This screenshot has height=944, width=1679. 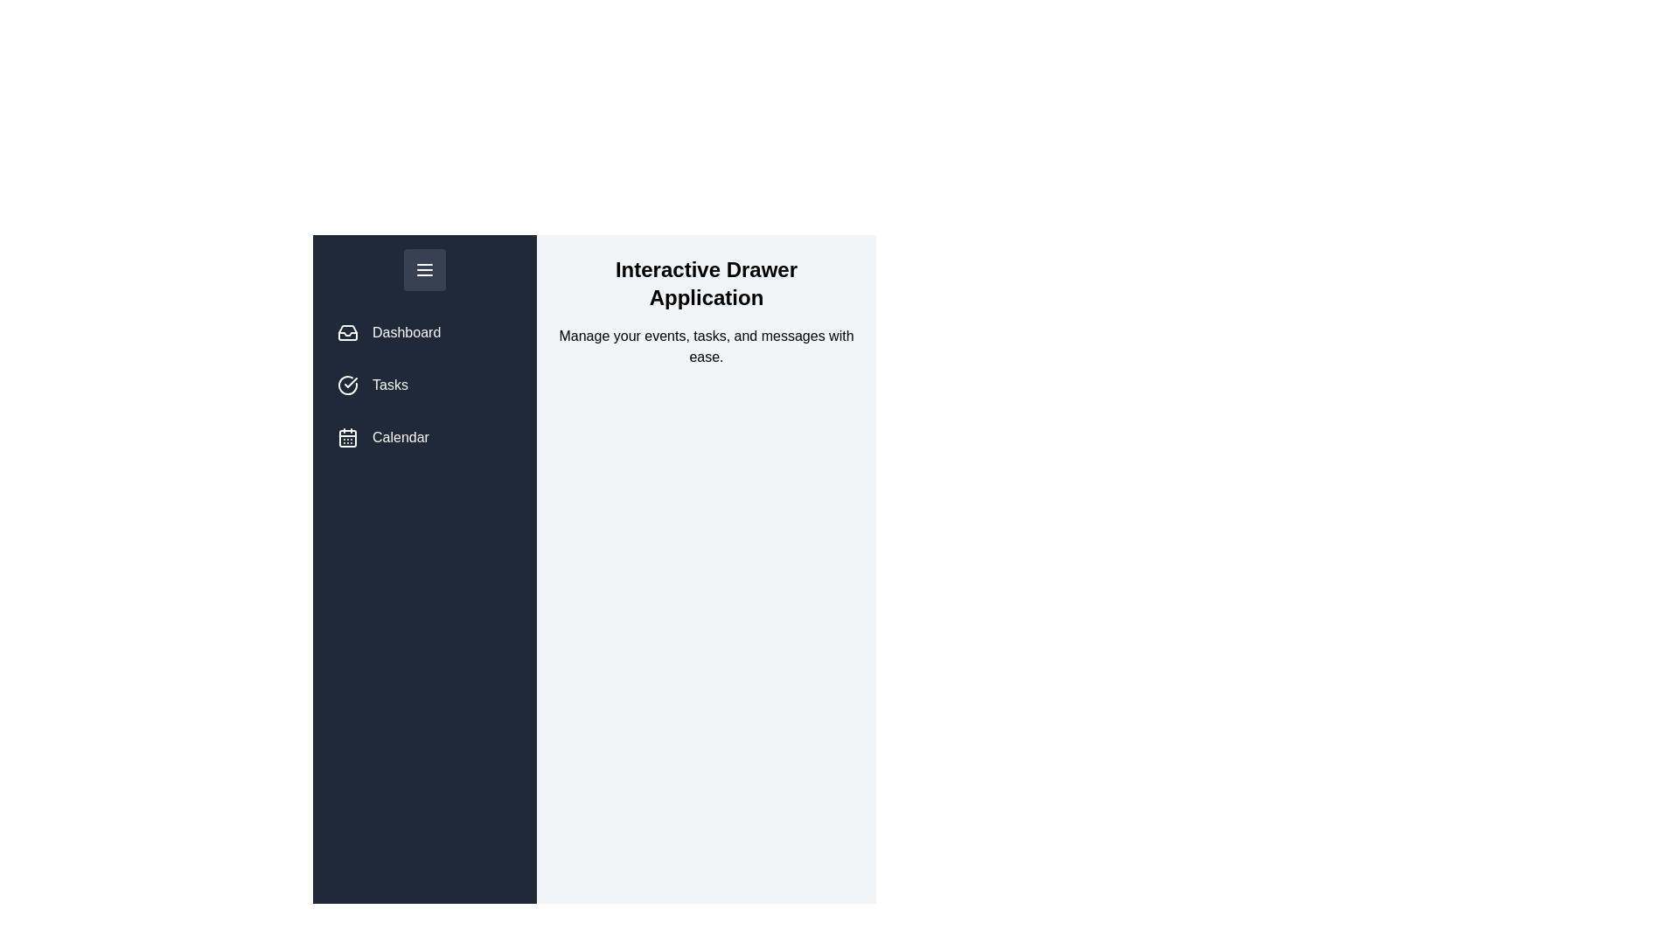 What do you see at coordinates (424, 269) in the screenshot?
I see `the dark gray rectangular button with a three-line icon at the top of the vertical navigation panel` at bounding box center [424, 269].